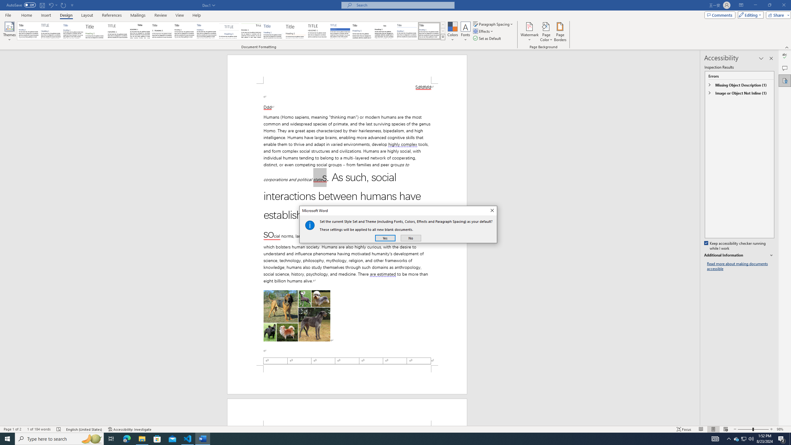  I want to click on 'User Promoted Notification Area', so click(743, 438).